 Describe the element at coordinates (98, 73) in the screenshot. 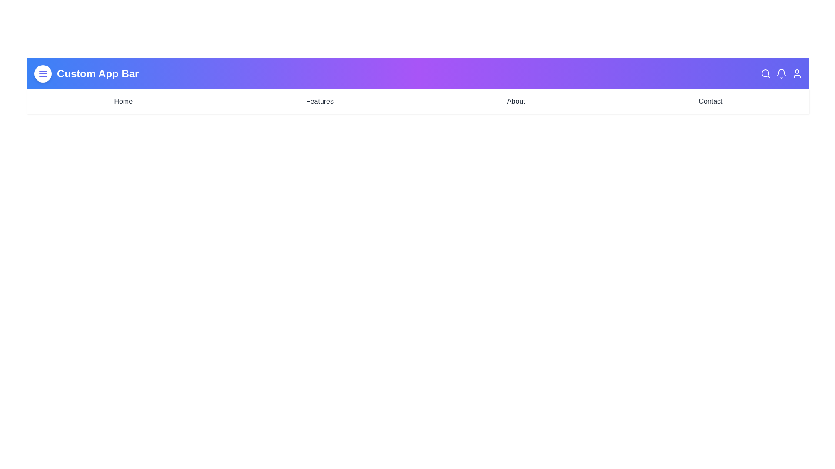

I see `the app bar title to inspect it` at that location.